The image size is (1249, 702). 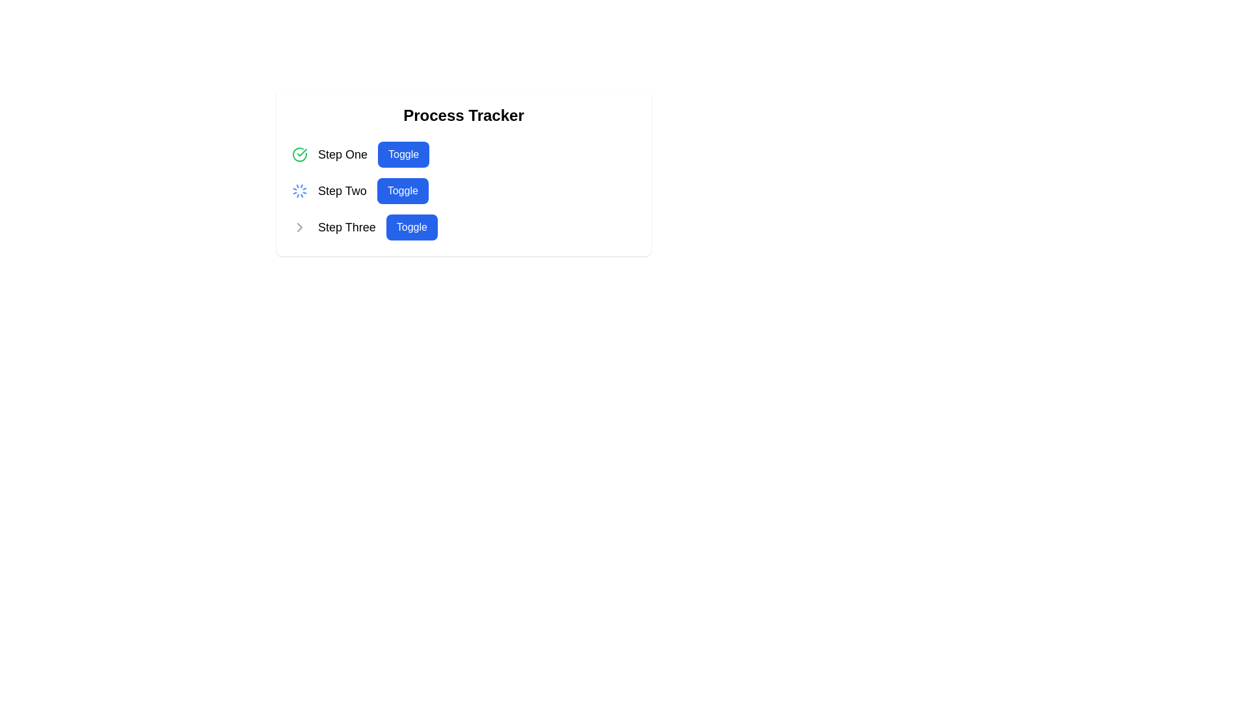 What do you see at coordinates (301, 152) in the screenshot?
I see `the checkmark icon that signifies successful completion in the first step of the process tracker, located next to the 'Step One' label` at bounding box center [301, 152].